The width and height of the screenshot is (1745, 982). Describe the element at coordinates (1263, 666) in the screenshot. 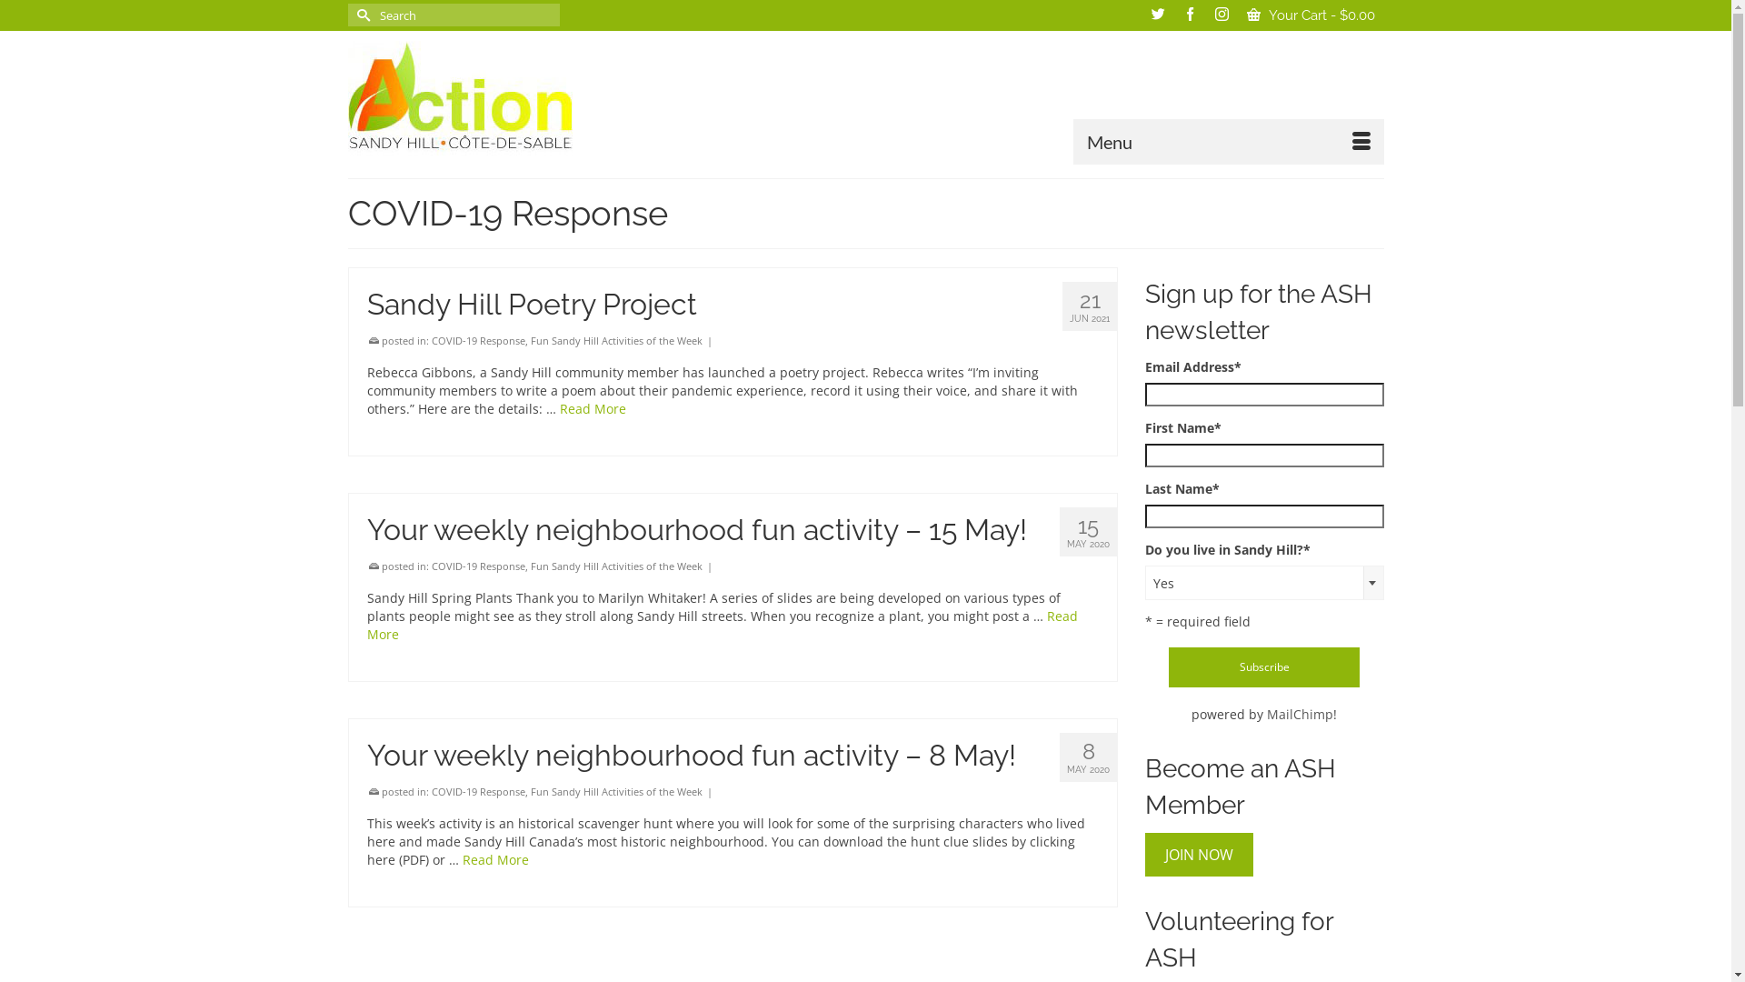

I see `'Subscribe'` at that location.